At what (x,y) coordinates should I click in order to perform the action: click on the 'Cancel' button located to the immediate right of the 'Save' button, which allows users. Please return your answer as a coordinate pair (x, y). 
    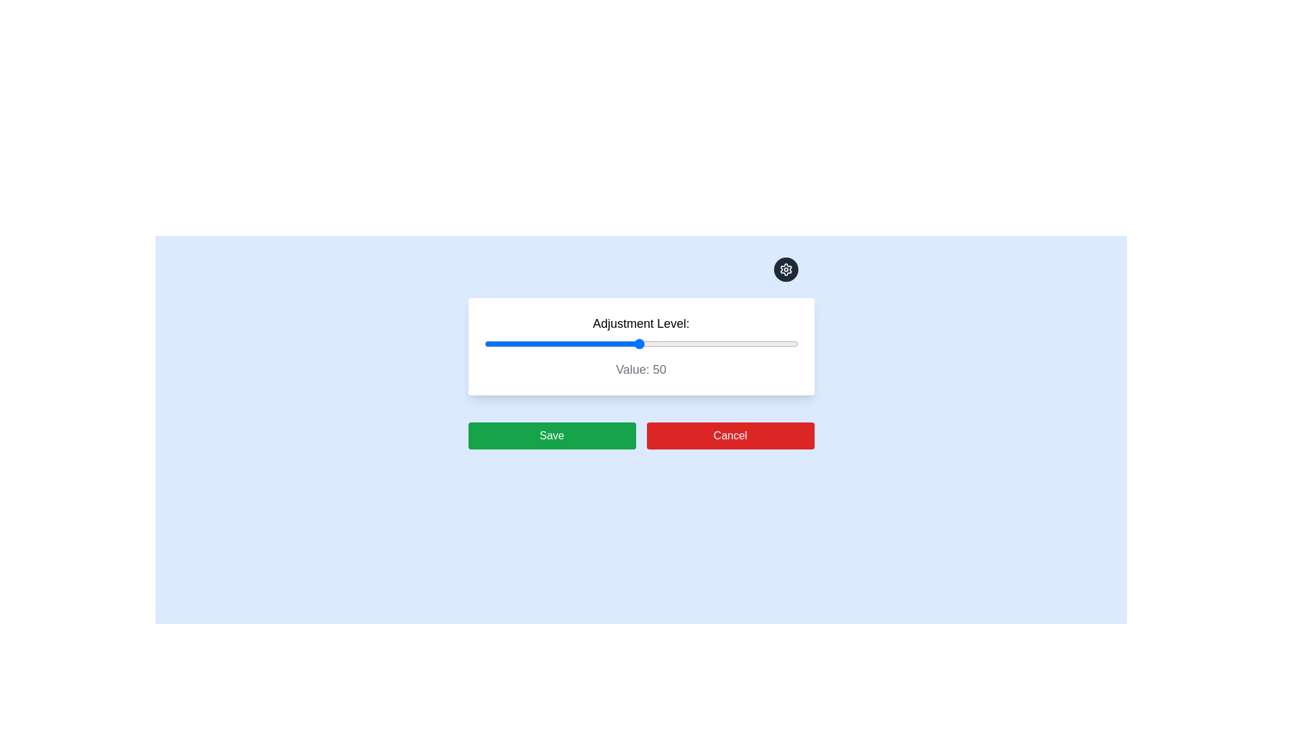
    Looking at the image, I should click on (729, 435).